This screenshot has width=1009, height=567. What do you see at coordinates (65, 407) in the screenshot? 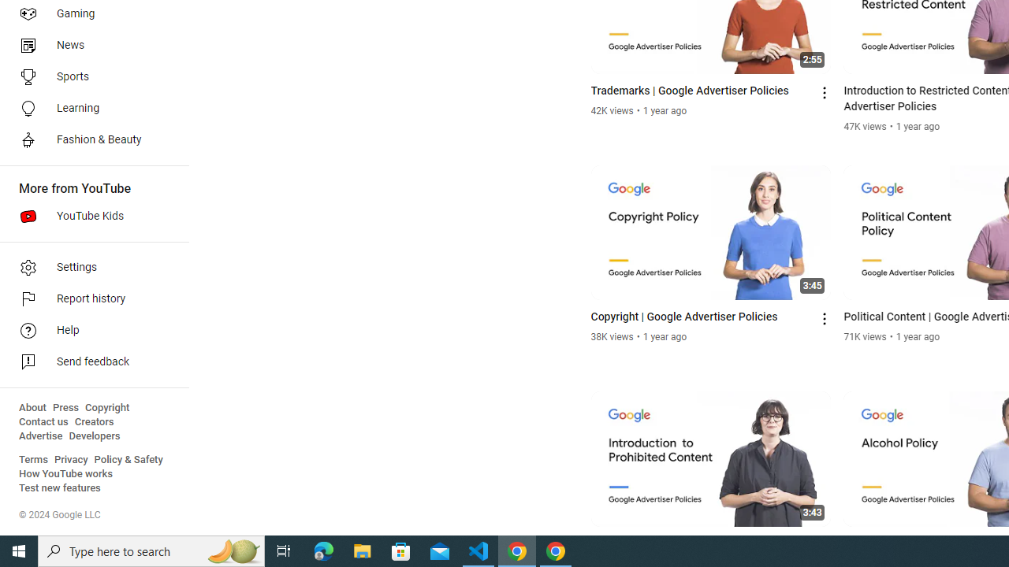
I see `'Press'` at bounding box center [65, 407].